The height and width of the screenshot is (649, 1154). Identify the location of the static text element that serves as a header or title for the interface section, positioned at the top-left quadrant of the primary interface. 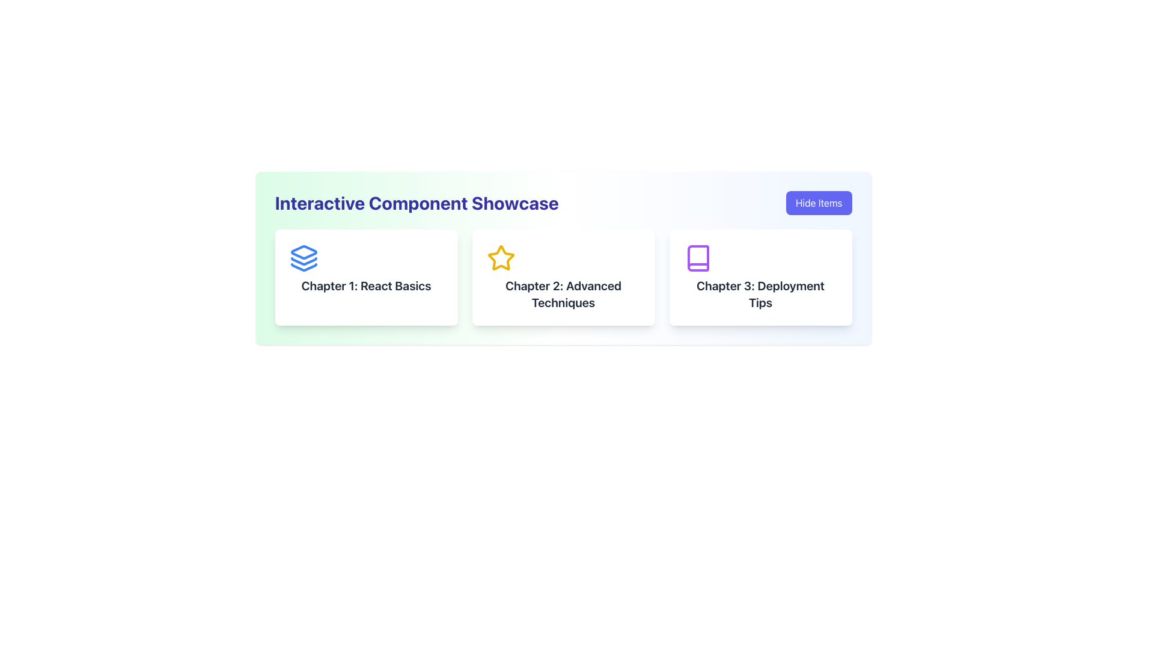
(417, 203).